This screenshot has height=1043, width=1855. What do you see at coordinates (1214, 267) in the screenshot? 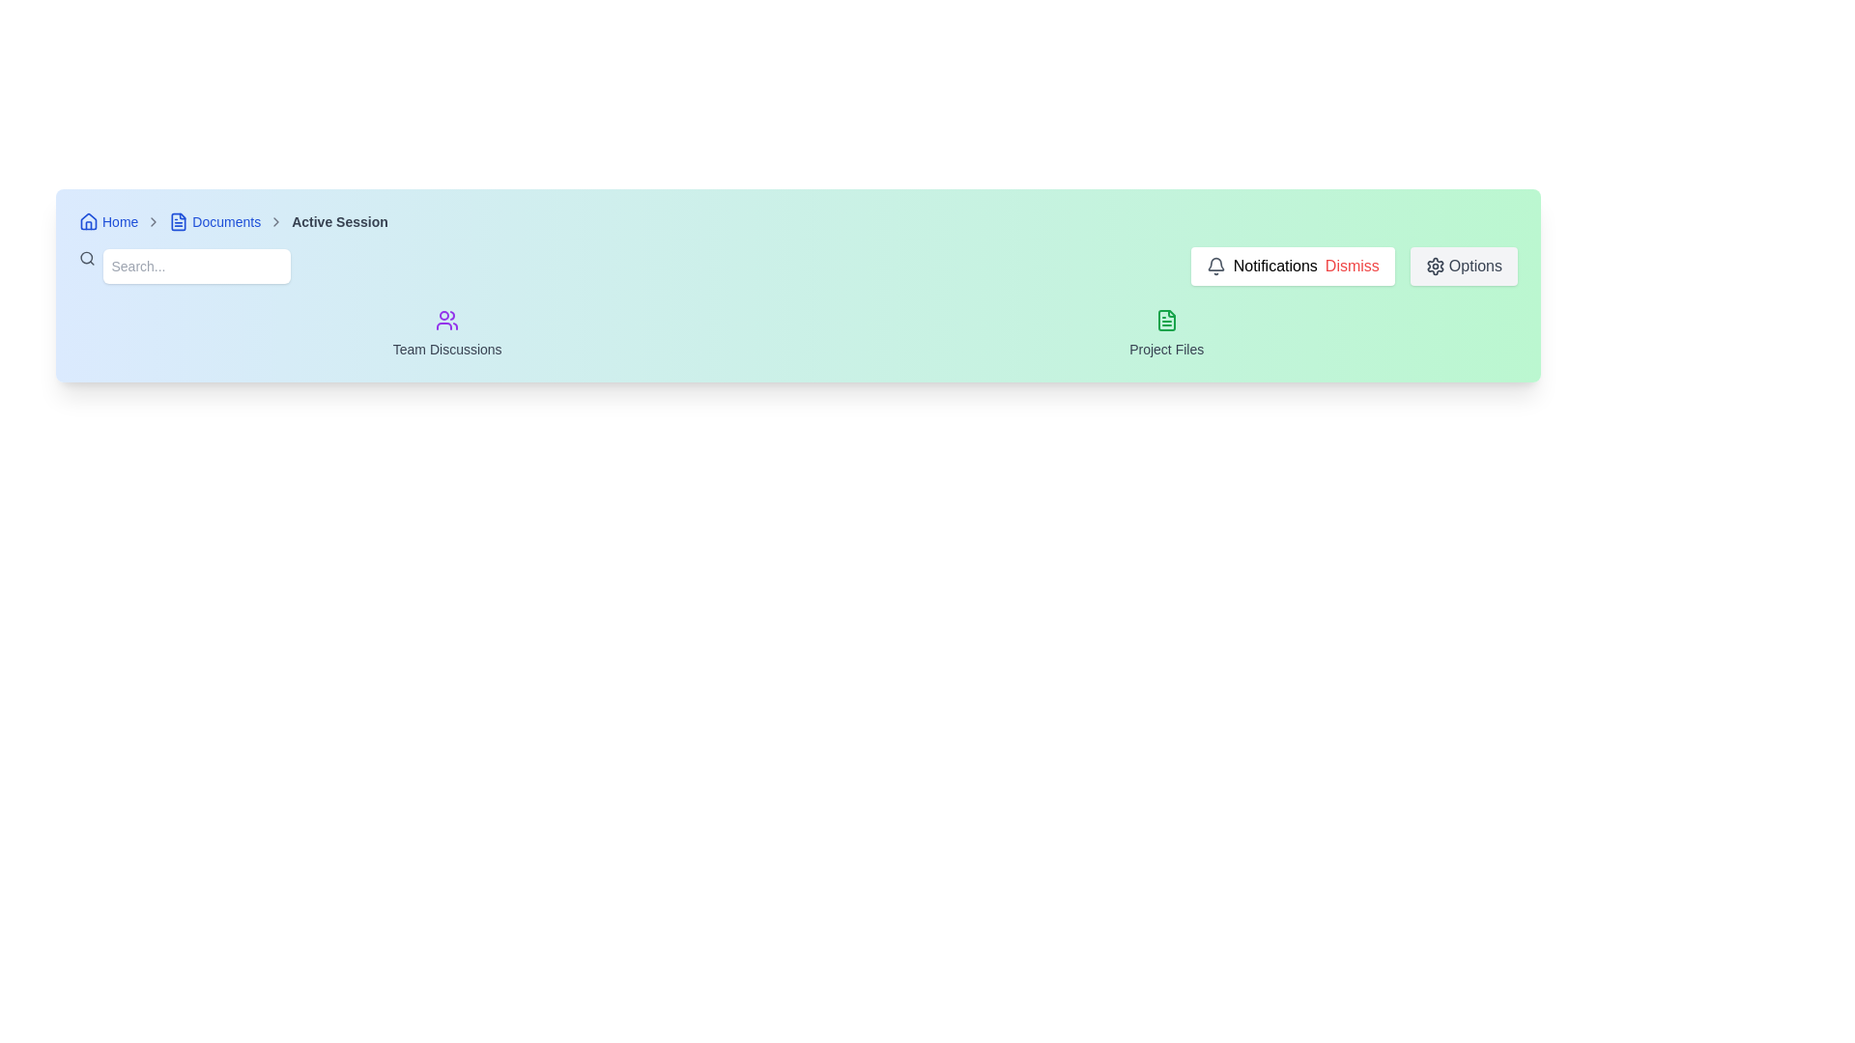
I see `the bell-shaped notification icon located to the left of the 'Notifications' label by moving the cursor to its center point` at bounding box center [1214, 267].